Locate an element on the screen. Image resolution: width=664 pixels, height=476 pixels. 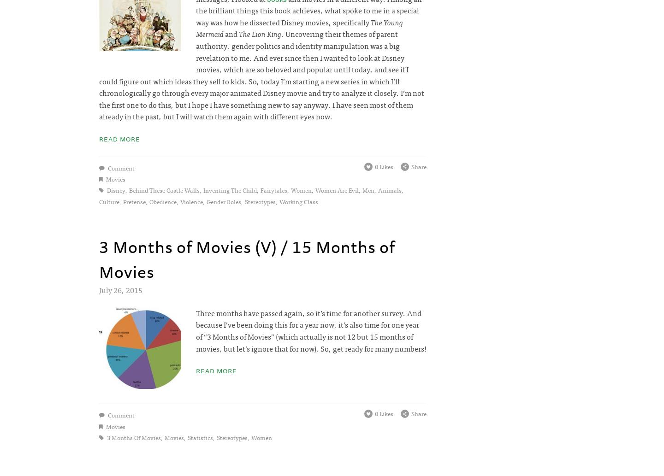
'Three months have passed again, so it’s time for another survey. And because I’ve been doing this for a year now, it’s also time for one year of “3 Months of Movies” (which actually is not 12 but 15 months of movies, but let’s ignore that for now). So, get ready for many numbers!' is located at coordinates (311, 330).